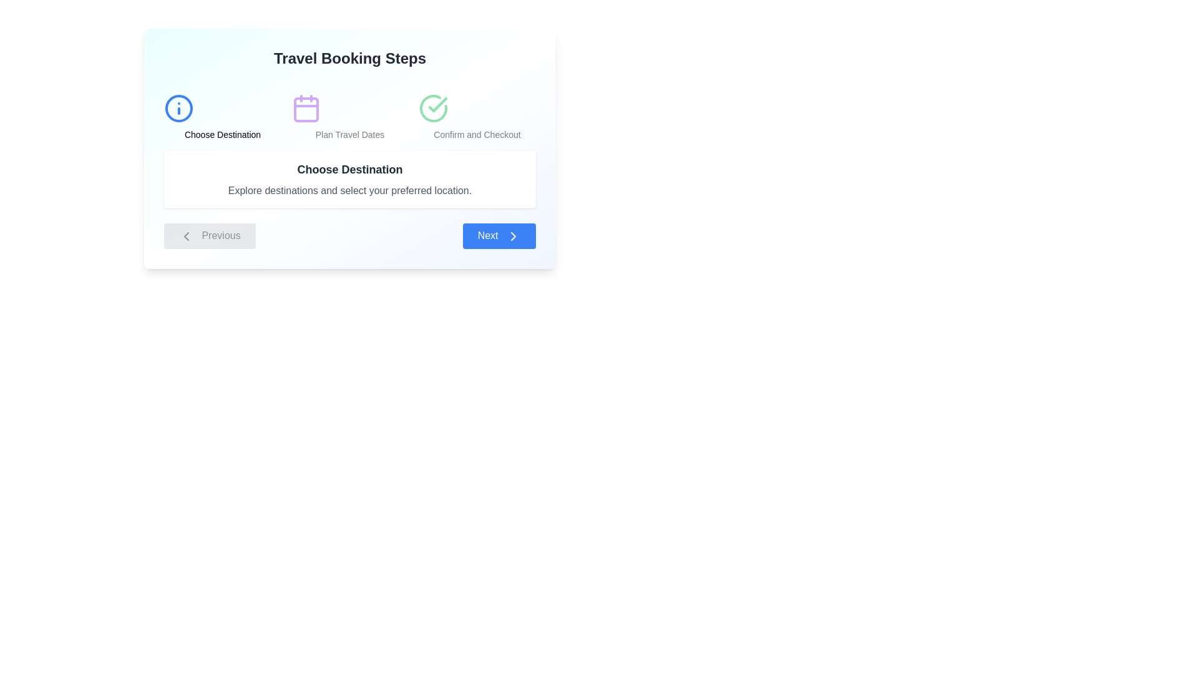  I want to click on the informational Text label located under the header 'Choose Destination', which provides instructions related to choosing a destination, so click(349, 190).